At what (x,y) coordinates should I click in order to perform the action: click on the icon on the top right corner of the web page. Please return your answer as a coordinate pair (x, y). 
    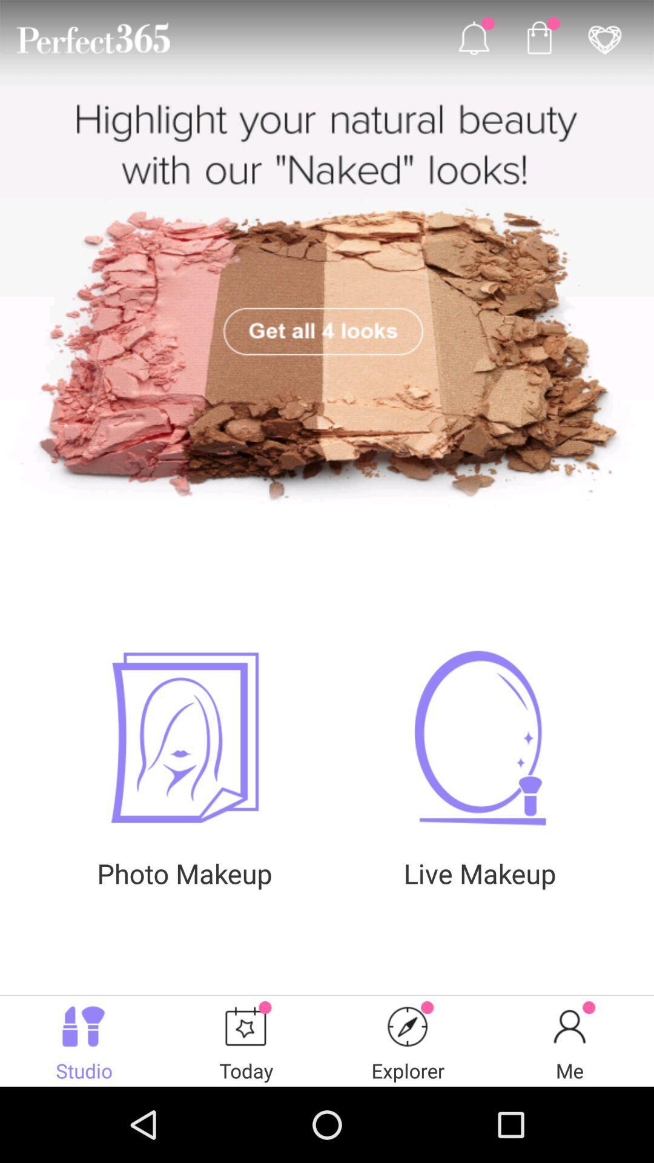
    Looking at the image, I should click on (605, 38).